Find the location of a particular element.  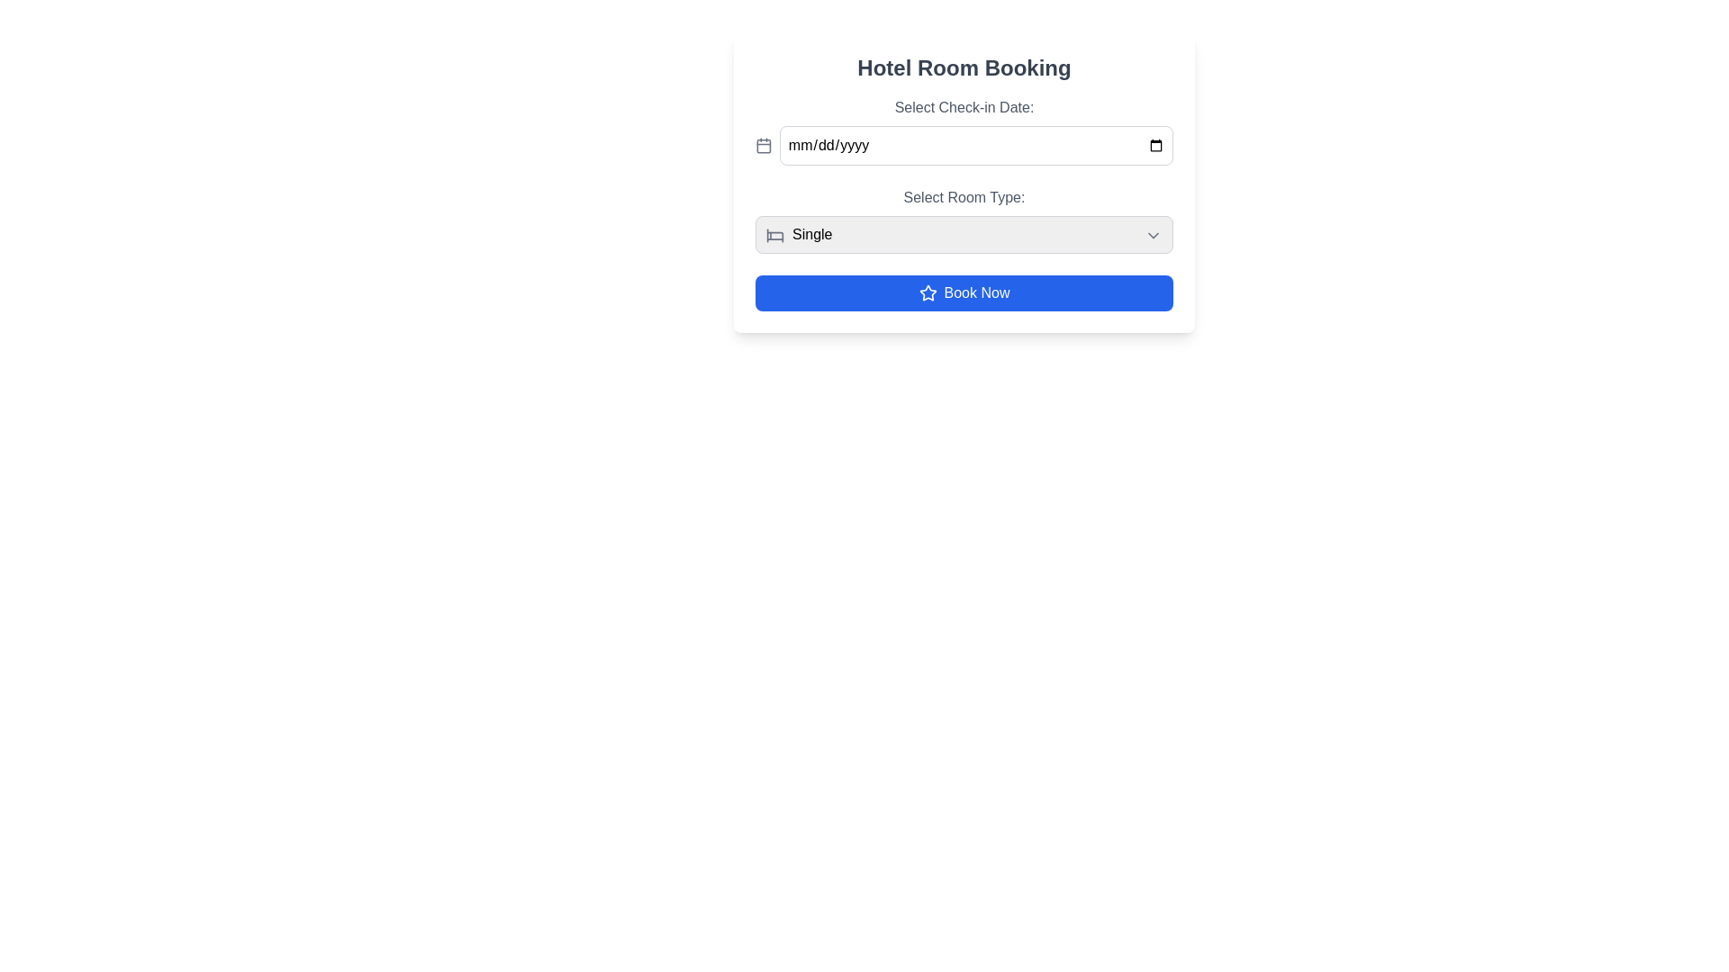

the decorative icon located near the bottom of the interface, just above the 'Book Now' button is located at coordinates (928, 292).